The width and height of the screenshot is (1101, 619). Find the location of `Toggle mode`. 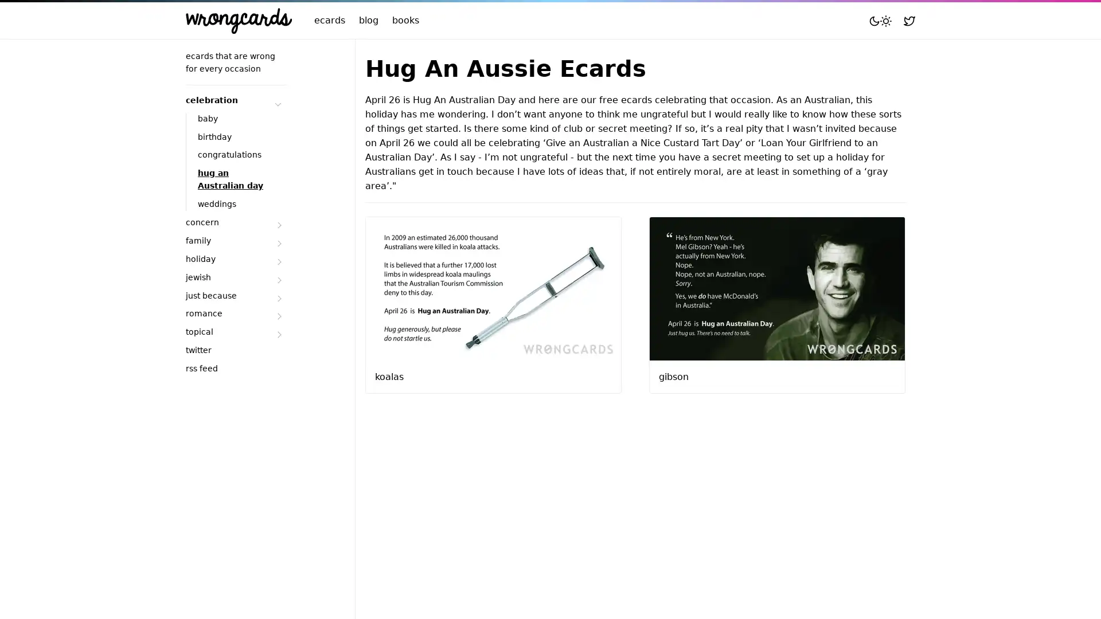

Toggle mode is located at coordinates (880, 20).